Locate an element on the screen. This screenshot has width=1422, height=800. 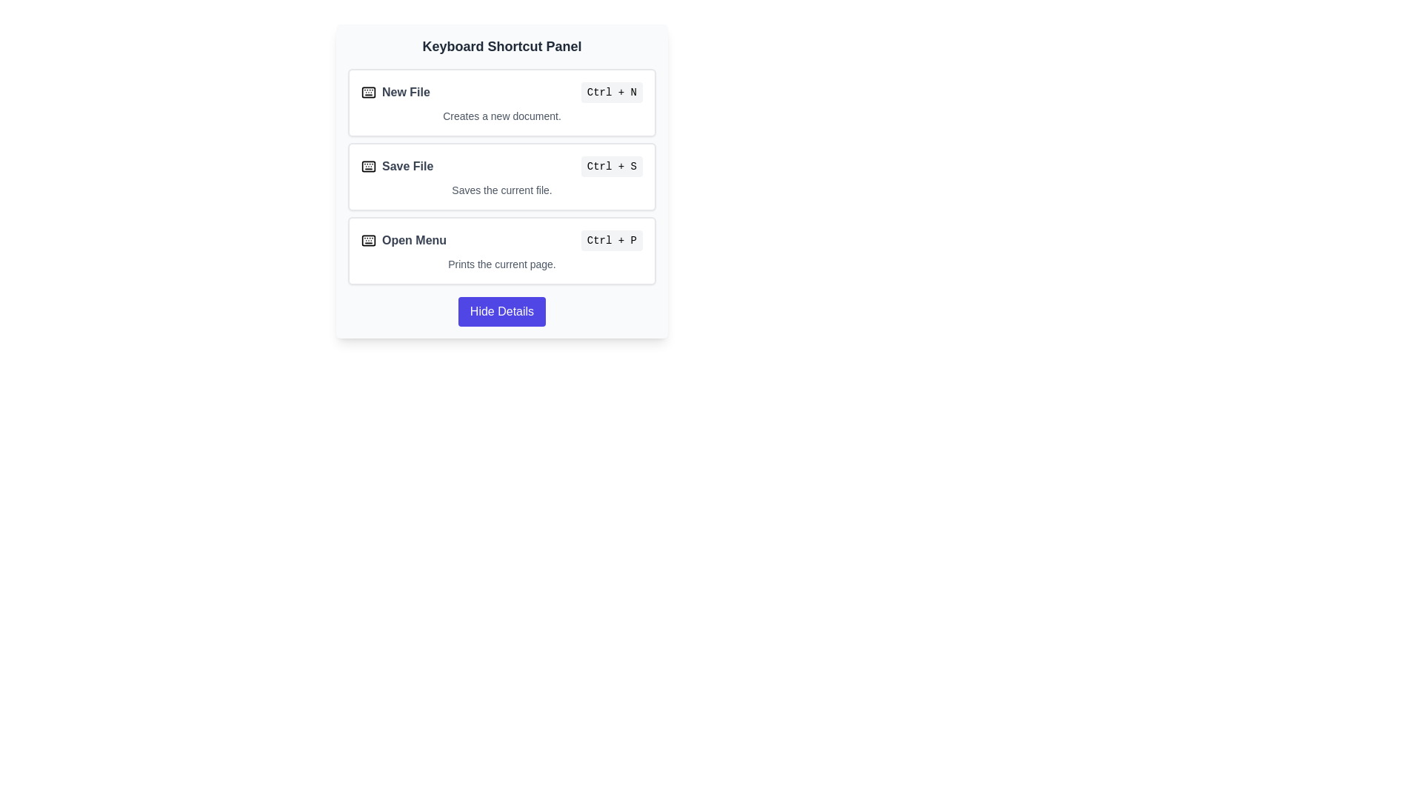
the 'Hide Details' button located at the bottom of the Keyboard Shortcut Panel, which has a light gray background and rounded corners is located at coordinates (501, 181).